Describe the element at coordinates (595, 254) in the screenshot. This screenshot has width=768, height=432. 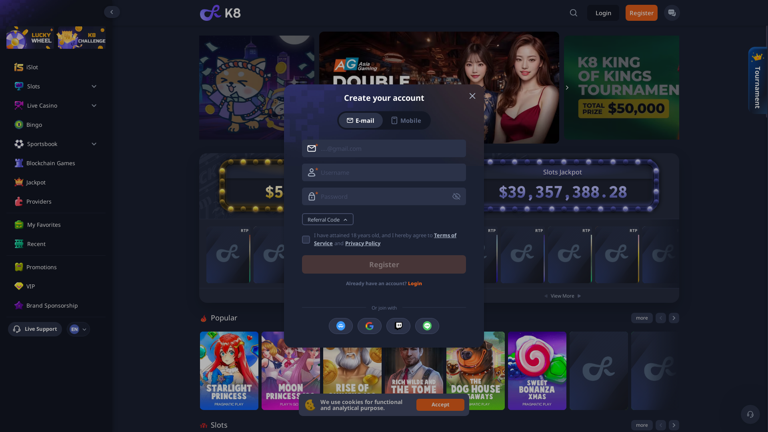
I see `'African Spirit Sticky Wilds'` at that location.